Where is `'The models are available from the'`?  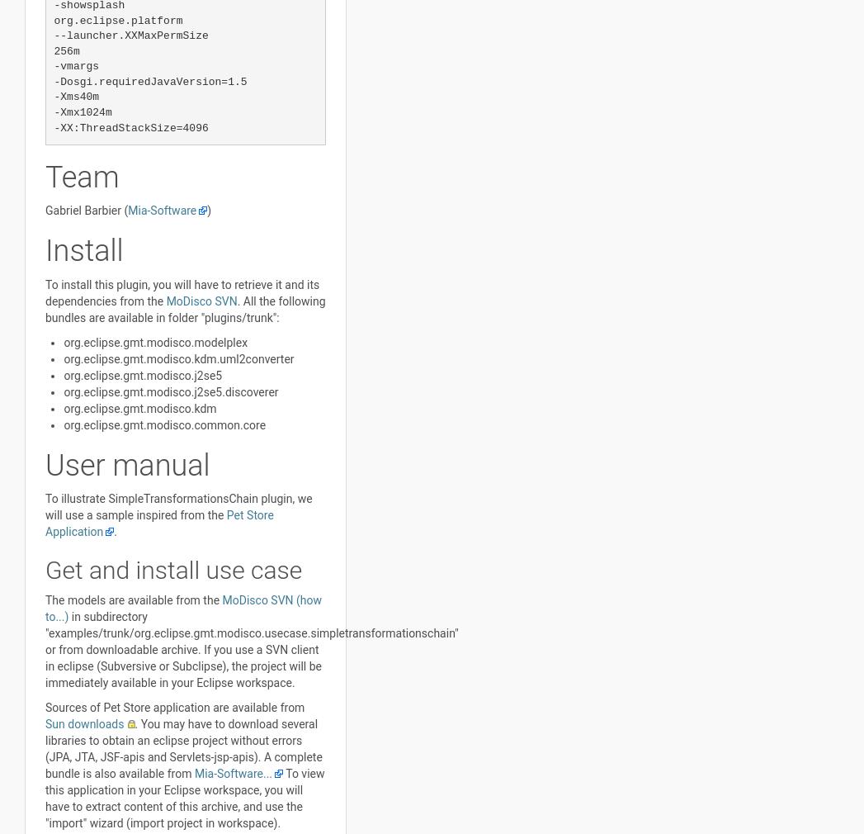 'The models are available from the' is located at coordinates (45, 599).